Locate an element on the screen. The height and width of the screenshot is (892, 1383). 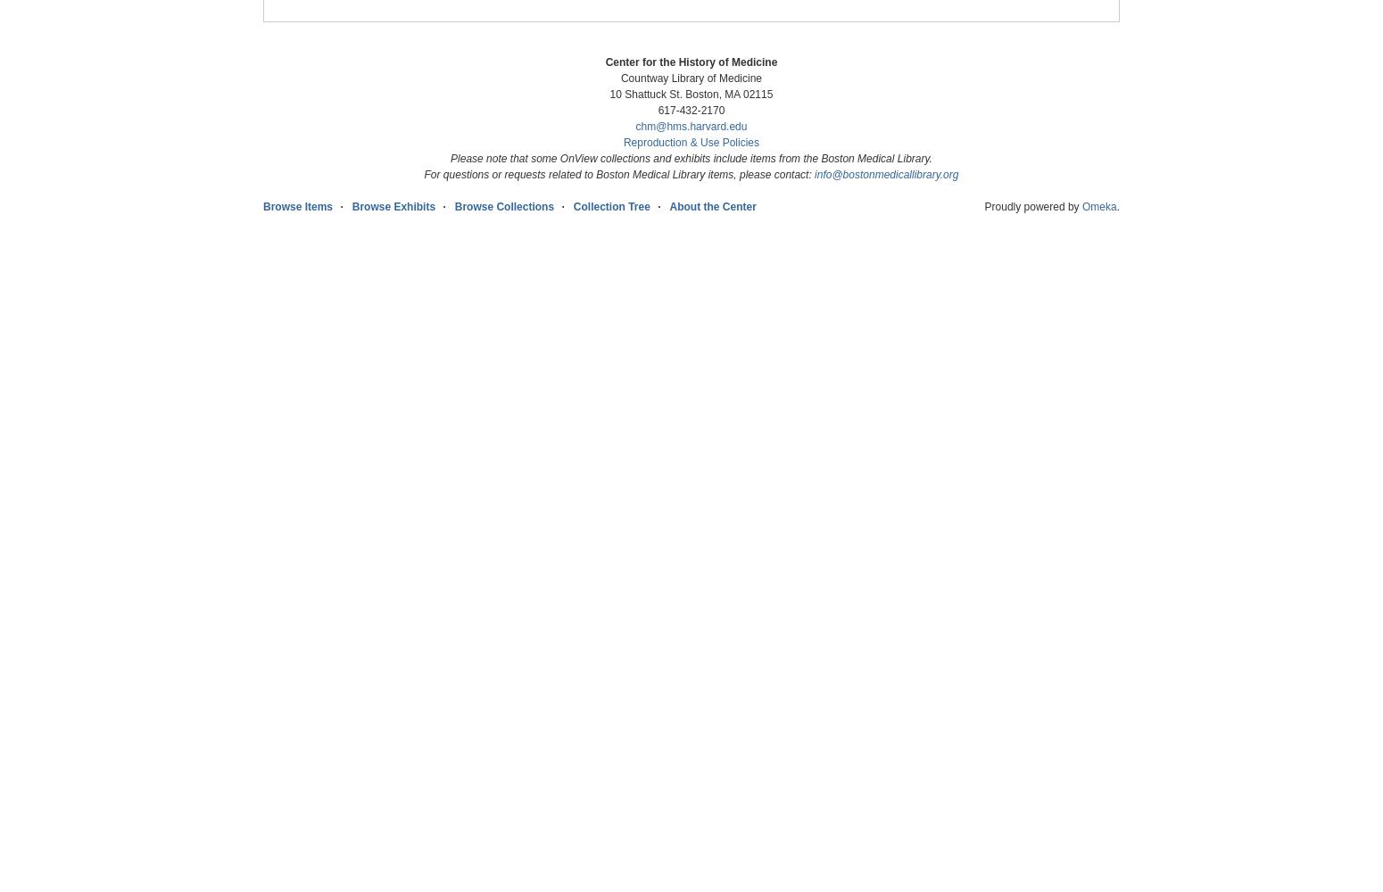
'Center for the History of Medicine' is located at coordinates (691, 62).